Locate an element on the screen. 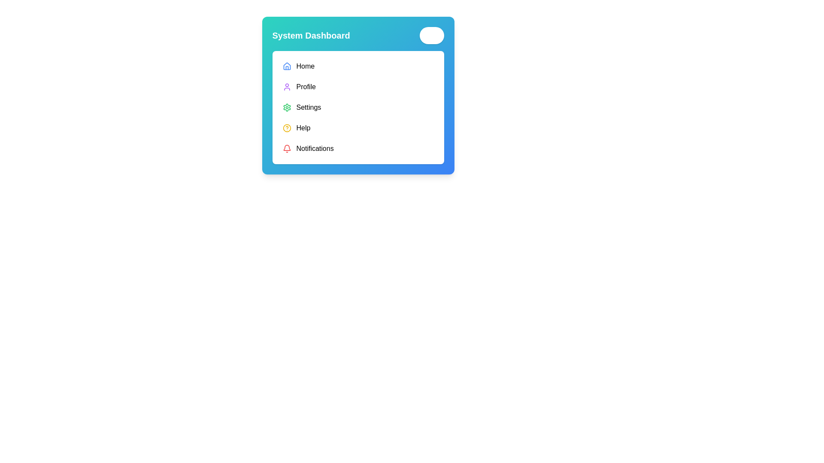 The image size is (824, 463). the settings icon located to the left of the 'Settings' label in the fourth row of the vertical menu on the dashboard interface is located at coordinates (287, 107).